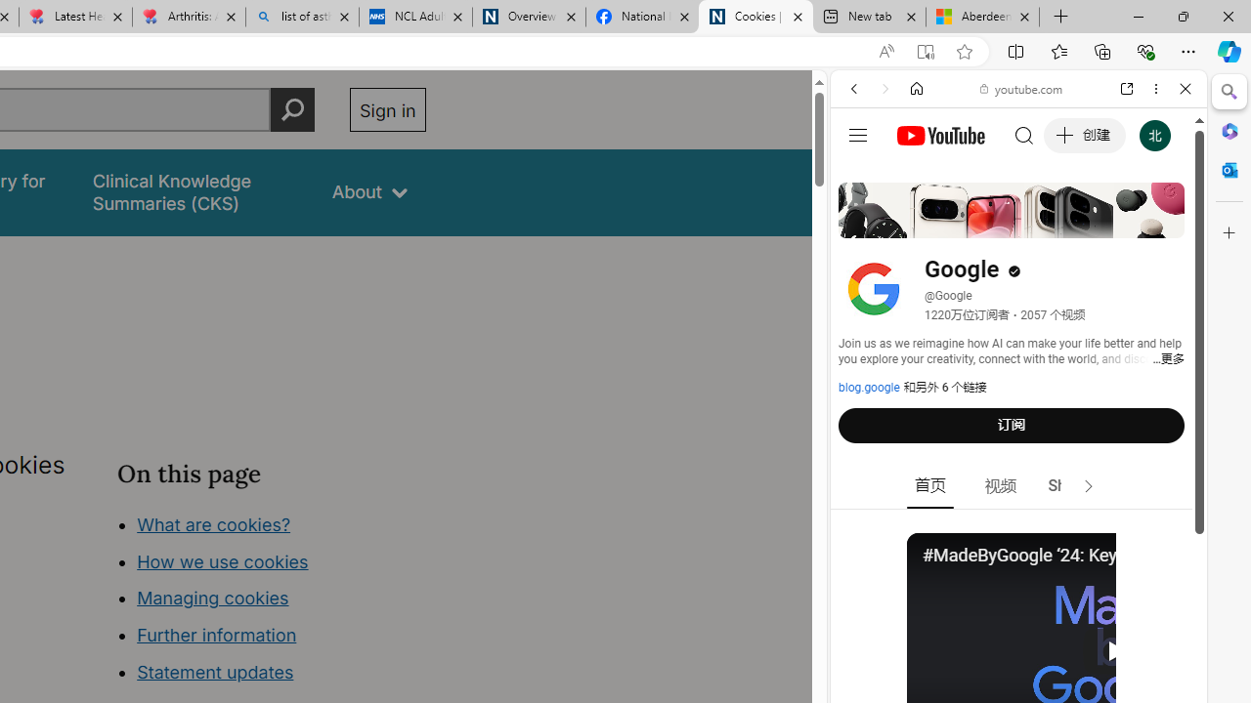 This screenshot has height=703, width=1251. Describe the element at coordinates (983, 17) in the screenshot. I see `'Aberdeen, Hong Kong SAR hourly forecast | Microsoft Weather'` at that location.